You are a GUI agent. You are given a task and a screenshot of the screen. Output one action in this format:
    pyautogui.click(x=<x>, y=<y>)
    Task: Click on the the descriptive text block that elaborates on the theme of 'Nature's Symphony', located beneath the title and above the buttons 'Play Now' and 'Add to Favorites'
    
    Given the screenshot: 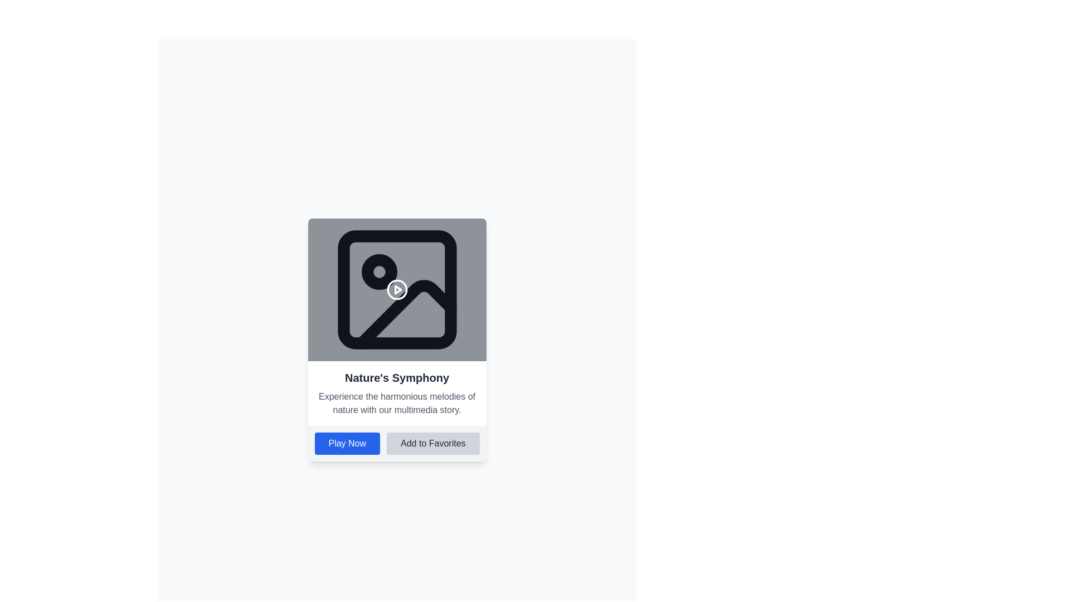 What is the action you would take?
    pyautogui.click(x=397, y=404)
    